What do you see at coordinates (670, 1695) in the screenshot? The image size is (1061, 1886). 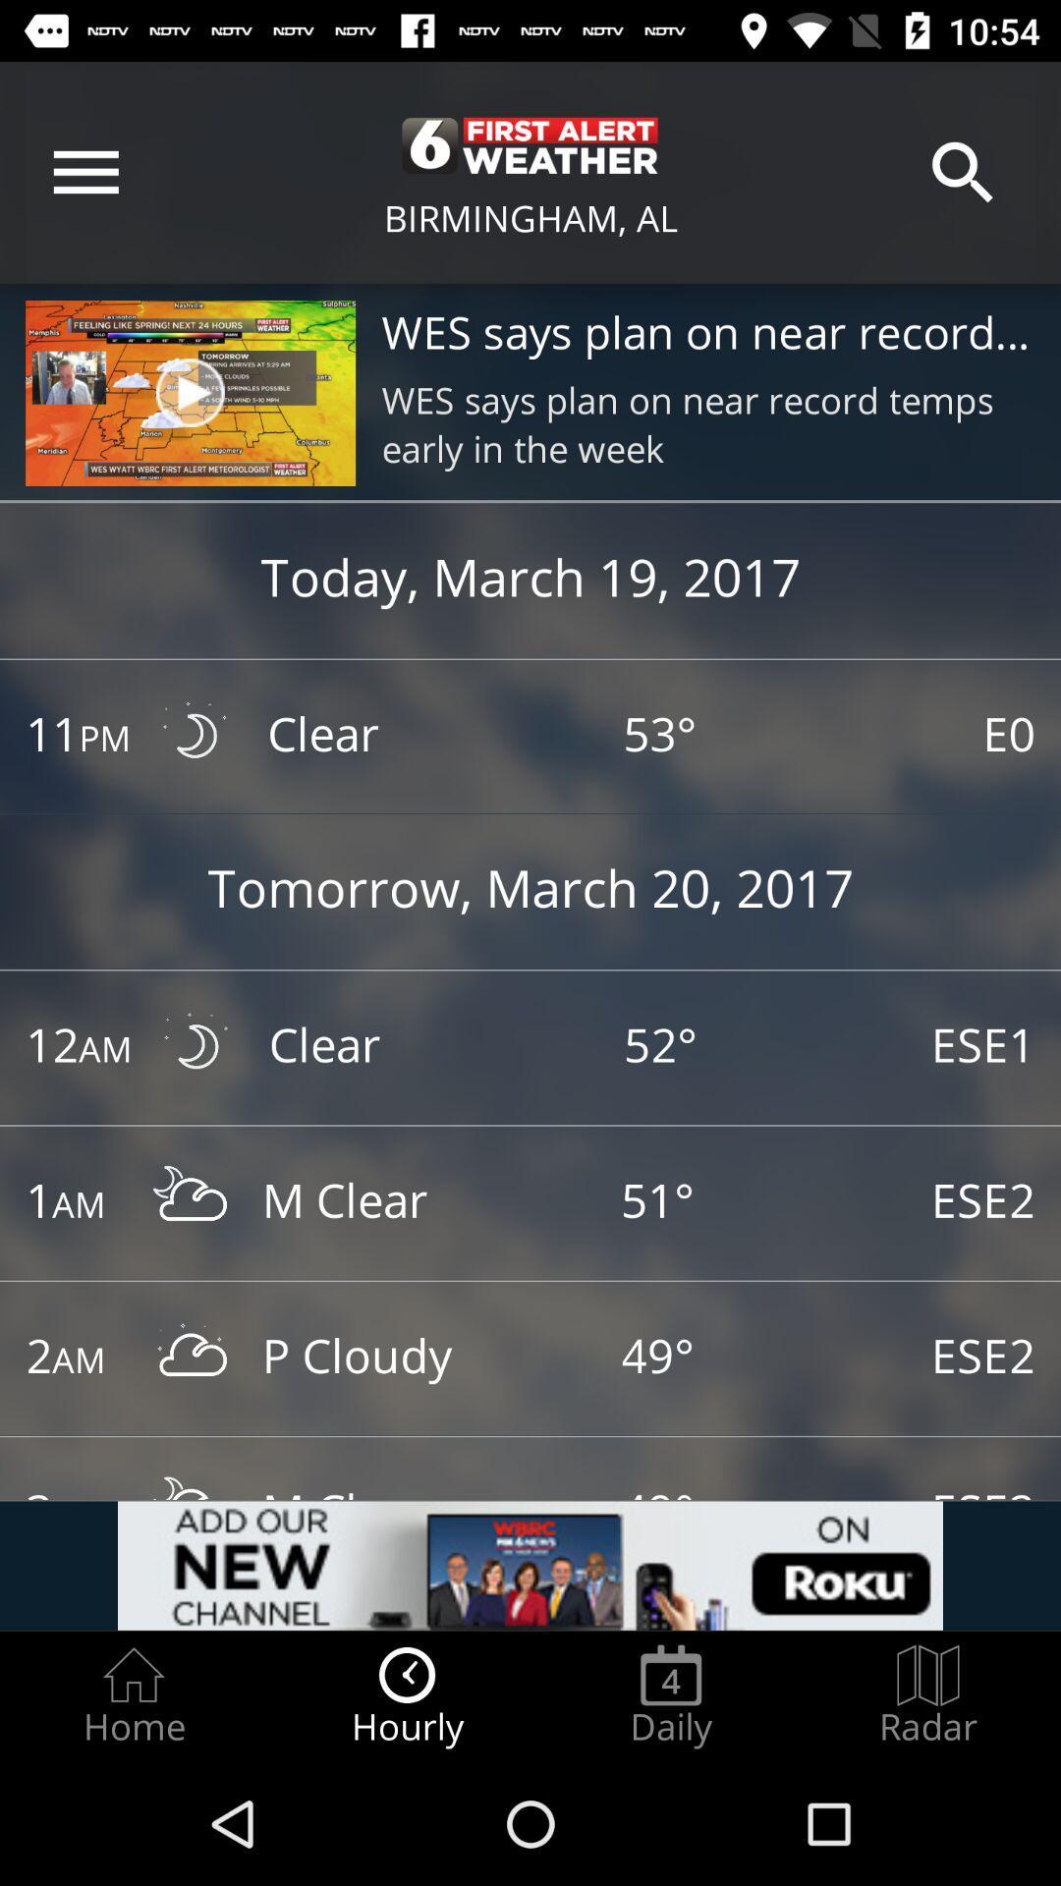 I see `item next to radar item` at bounding box center [670, 1695].